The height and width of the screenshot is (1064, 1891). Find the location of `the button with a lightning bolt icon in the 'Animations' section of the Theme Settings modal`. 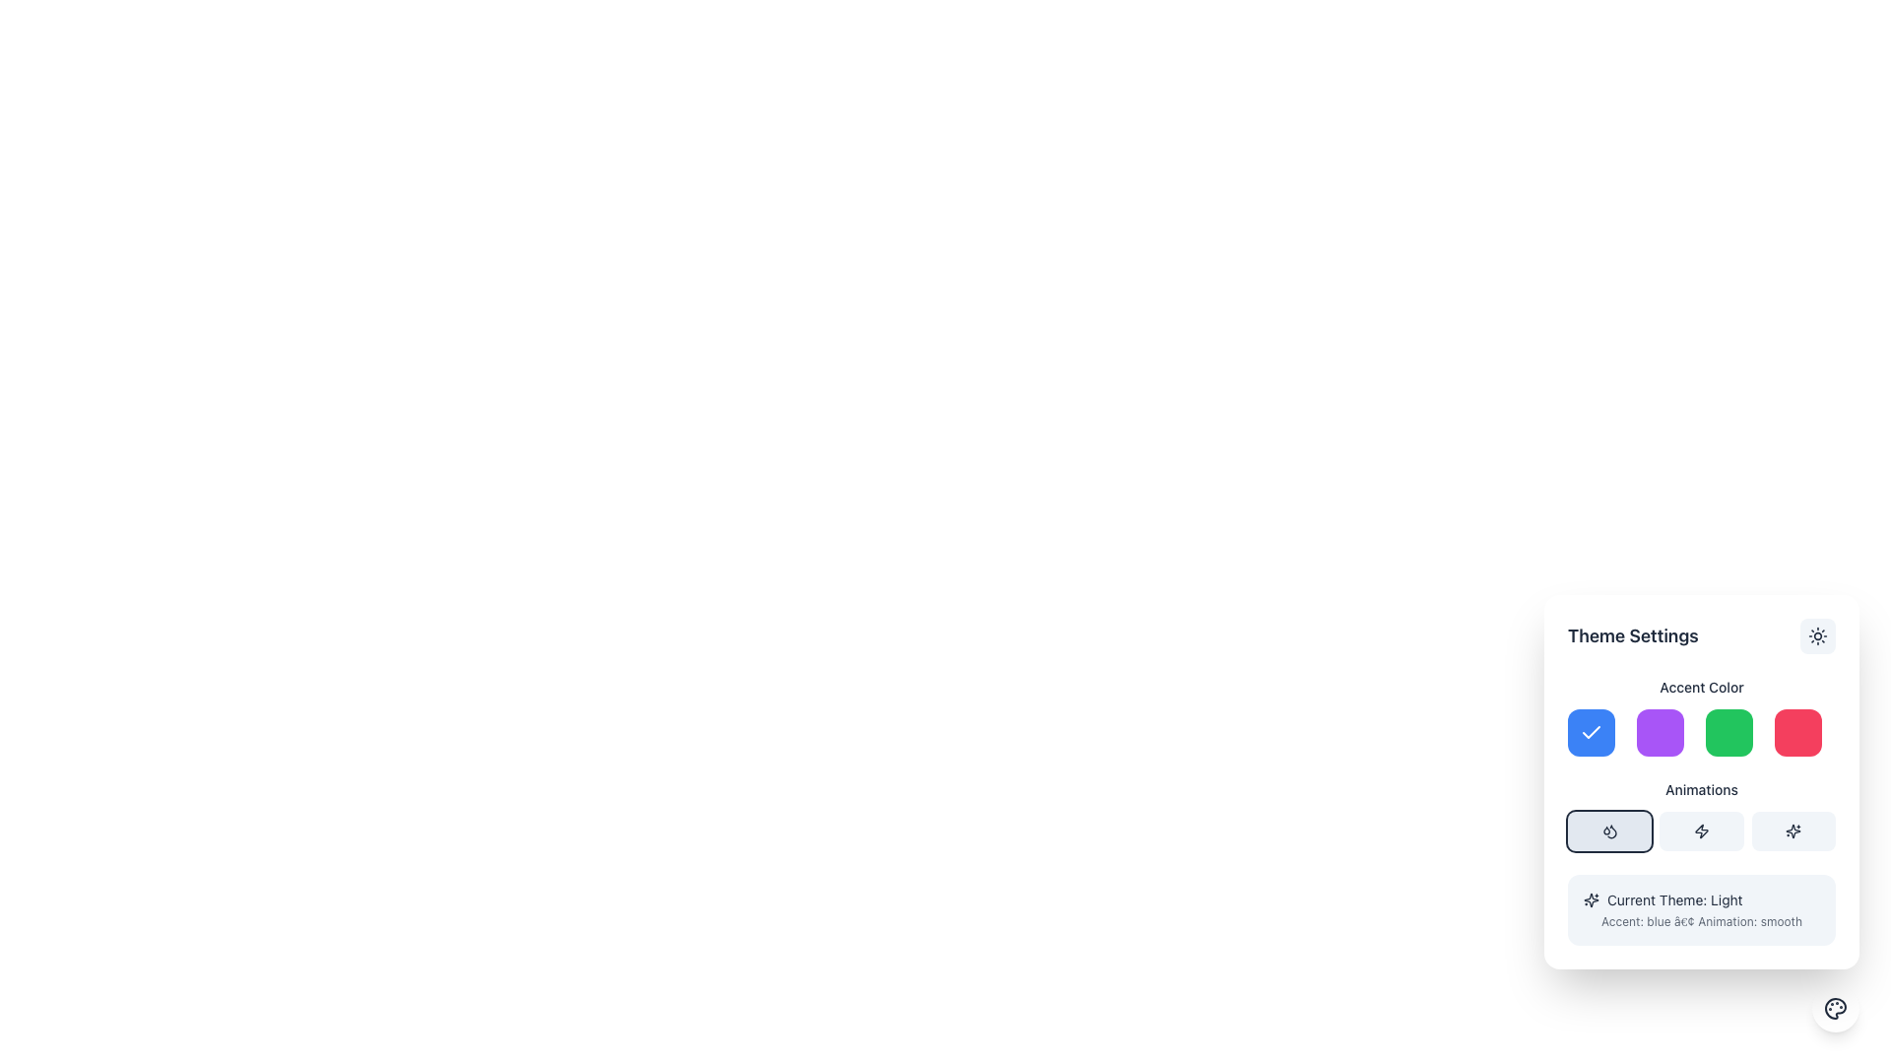

the button with a lightning bolt icon in the 'Animations' section of the Theme Settings modal is located at coordinates (1701, 831).